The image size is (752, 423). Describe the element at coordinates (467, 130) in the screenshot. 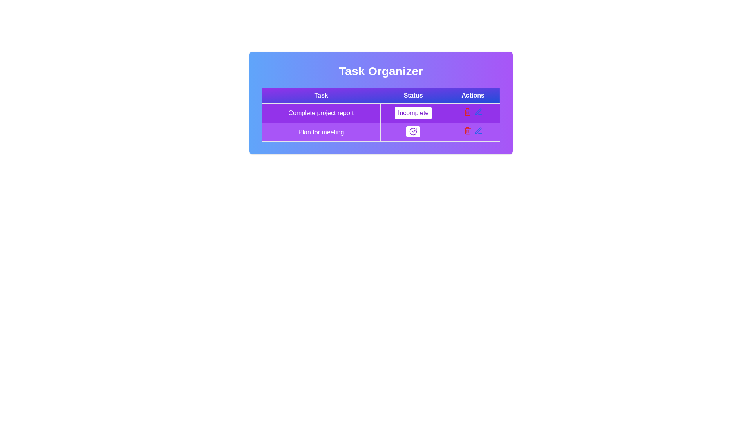

I see `the delete button in the Actions column of the second row for the task 'Plan for meeting'` at that location.